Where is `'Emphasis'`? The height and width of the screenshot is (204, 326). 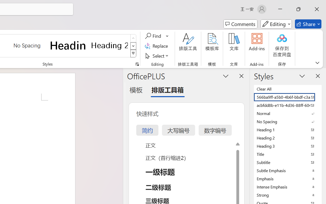 'Emphasis' is located at coordinates (288, 178).